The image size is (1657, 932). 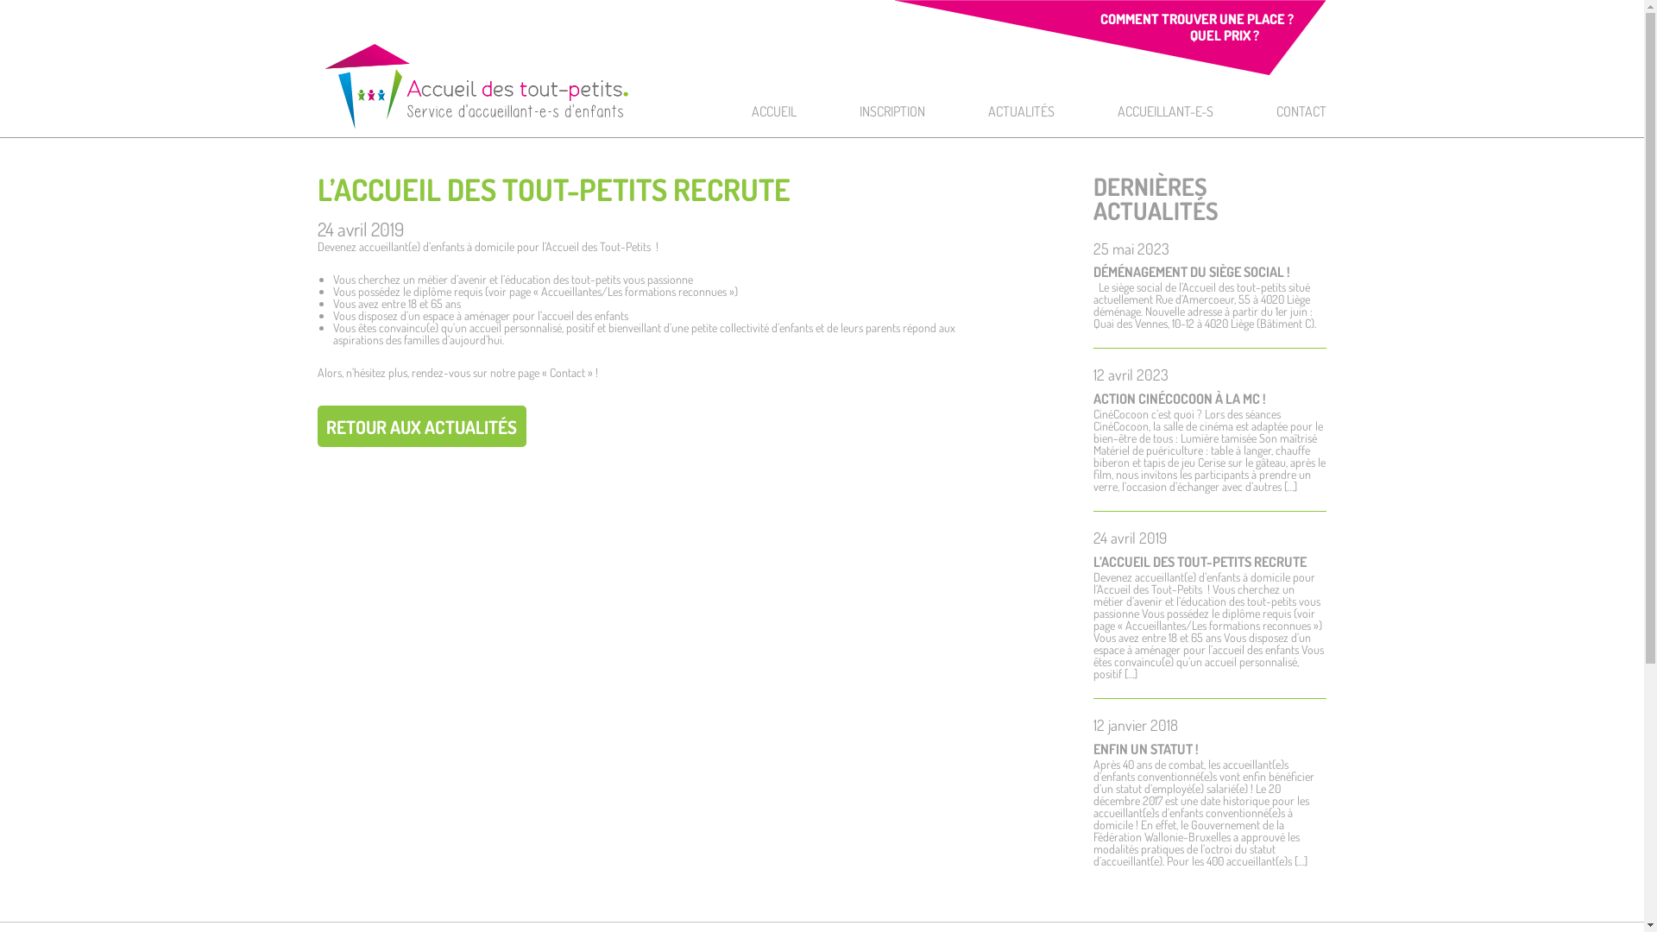 I want to click on 'CONTACT', so click(x=1301, y=110).